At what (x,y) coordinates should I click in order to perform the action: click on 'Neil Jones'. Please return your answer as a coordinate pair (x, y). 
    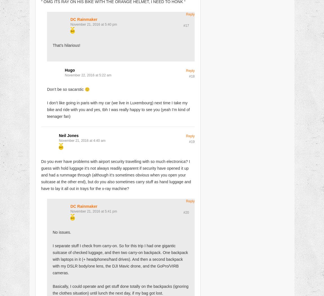
    Looking at the image, I should click on (58, 135).